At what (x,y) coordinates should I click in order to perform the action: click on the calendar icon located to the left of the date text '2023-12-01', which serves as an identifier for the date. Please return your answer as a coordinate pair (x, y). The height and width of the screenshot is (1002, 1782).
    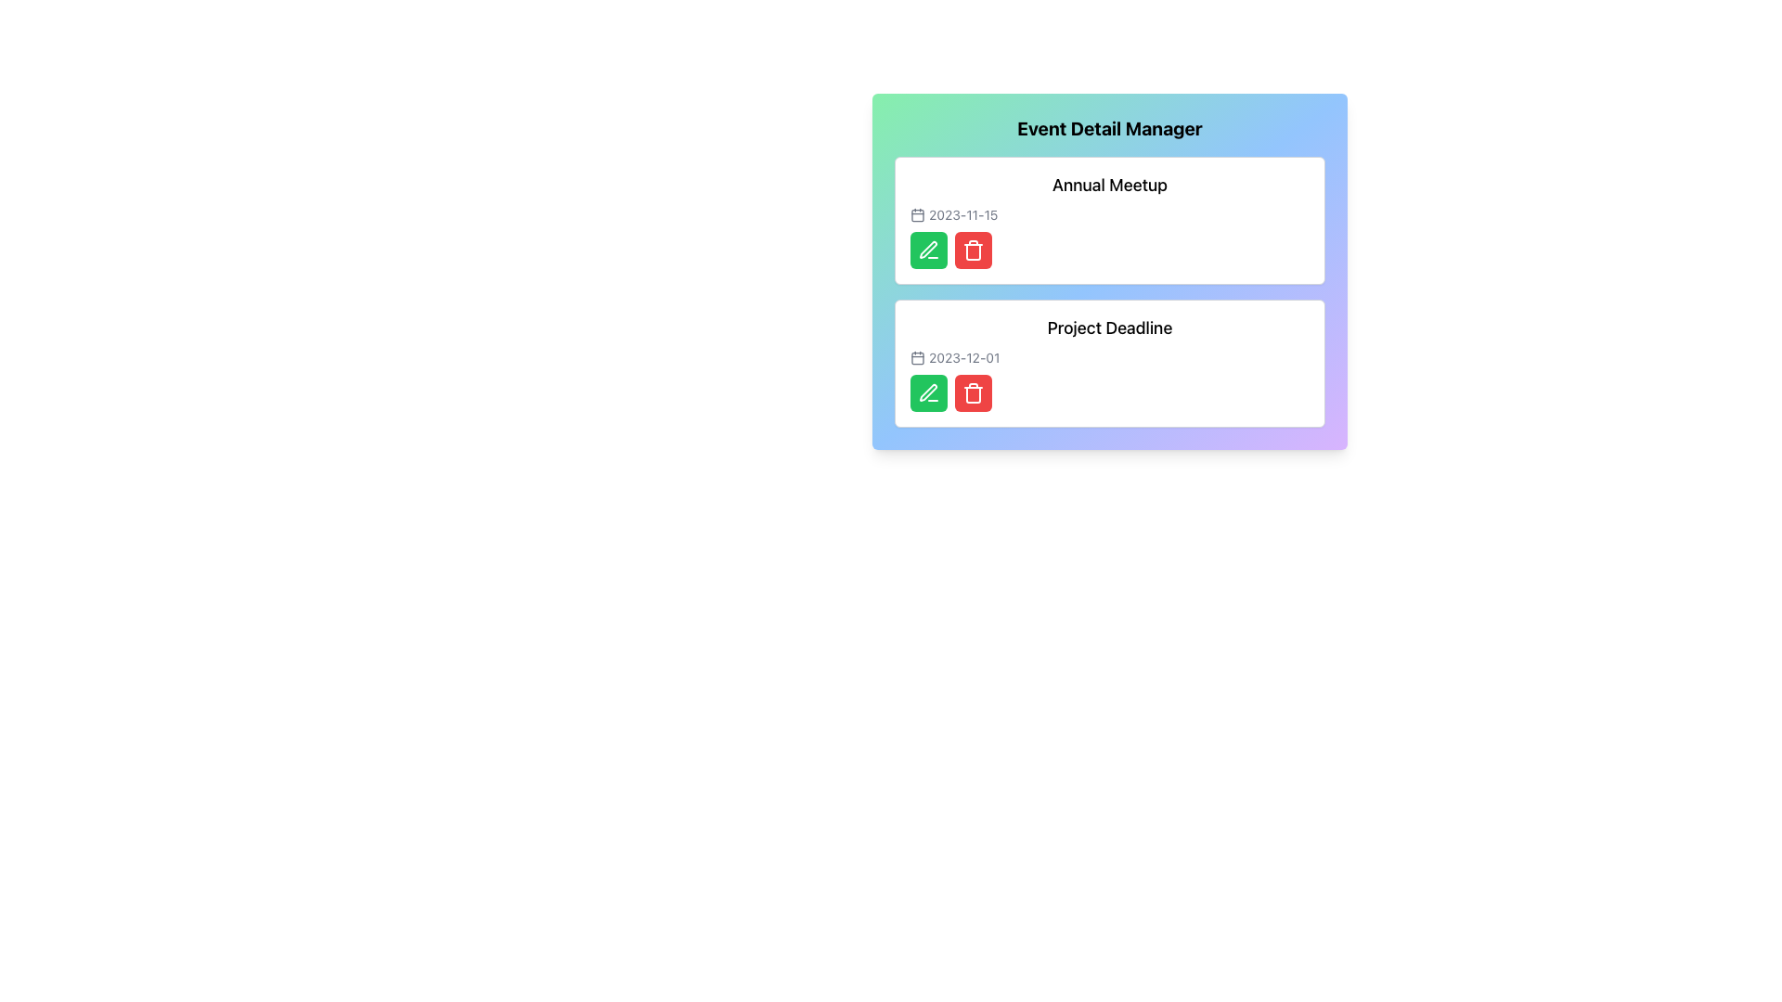
    Looking at the image, I should click on (917, 357).